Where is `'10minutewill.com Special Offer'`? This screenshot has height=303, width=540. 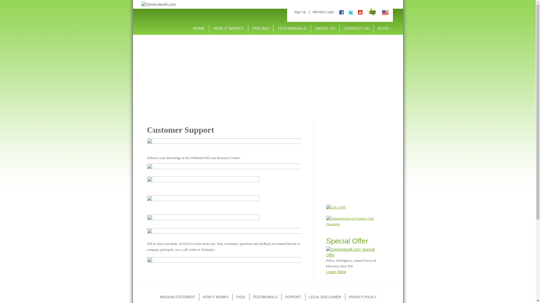
'10minutewill.com Special Offer' is located at coordinates (352, 252).